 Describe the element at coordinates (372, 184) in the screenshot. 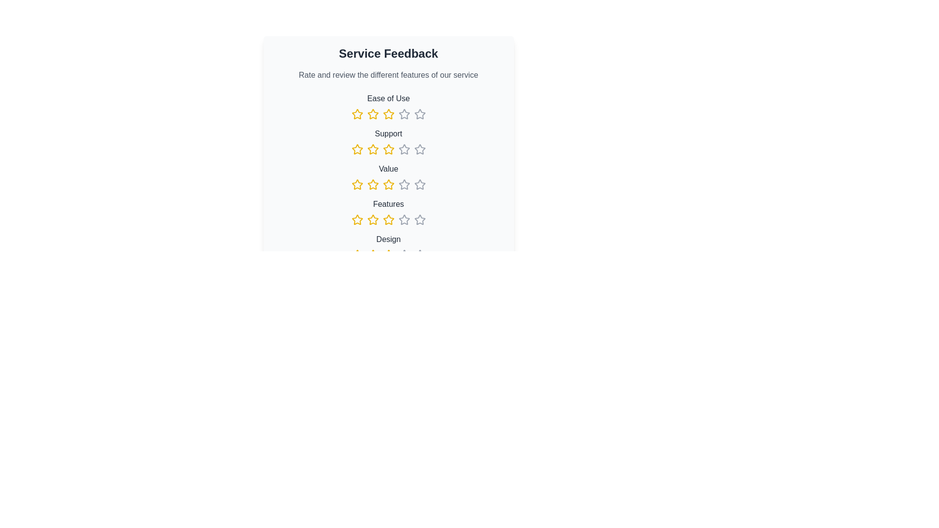

I see `the first star in the third row of the 'Value' rating section` at that location.